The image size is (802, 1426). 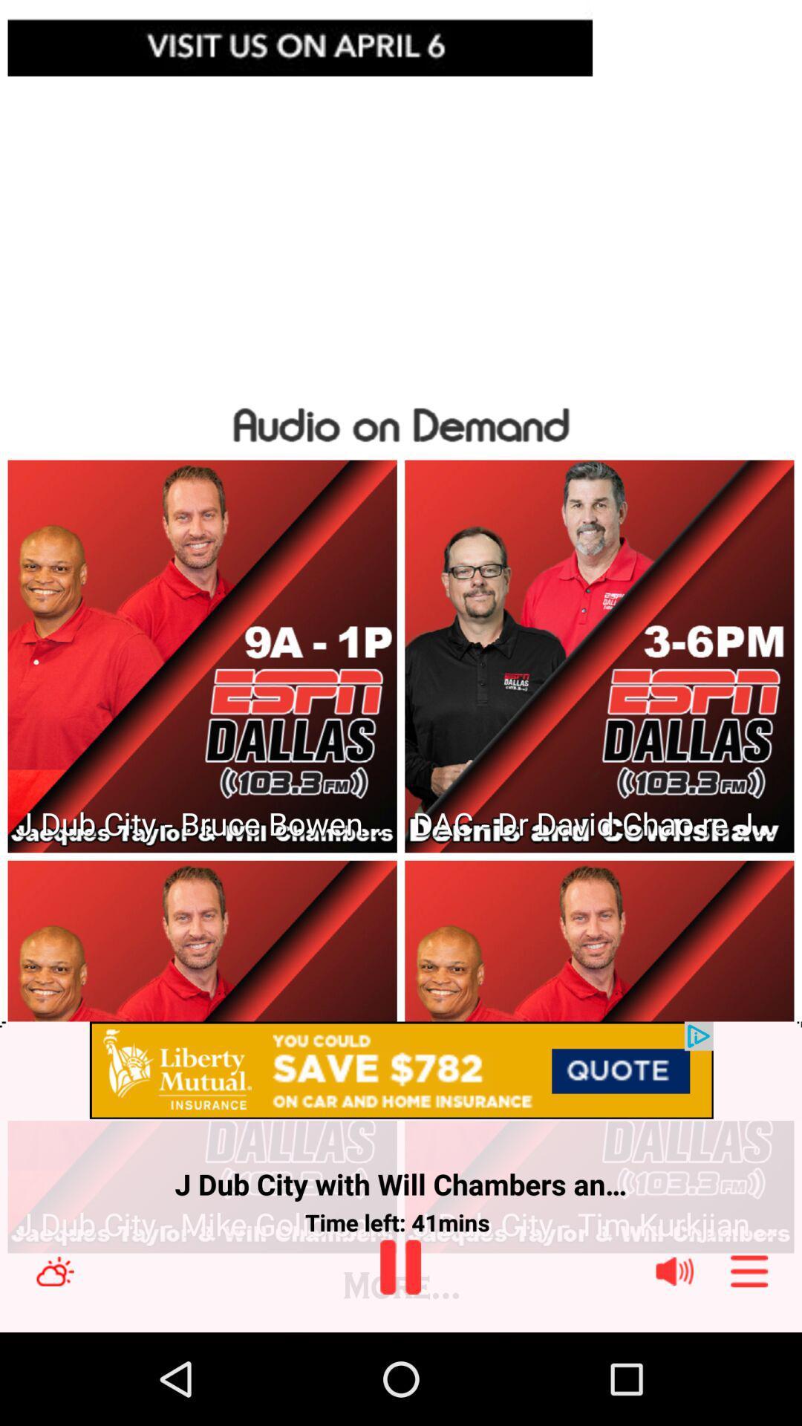 What do you see at coordinates (54, 1361) in the screenshot?
I see `the weather icon` at bounding box center [54, 1361].